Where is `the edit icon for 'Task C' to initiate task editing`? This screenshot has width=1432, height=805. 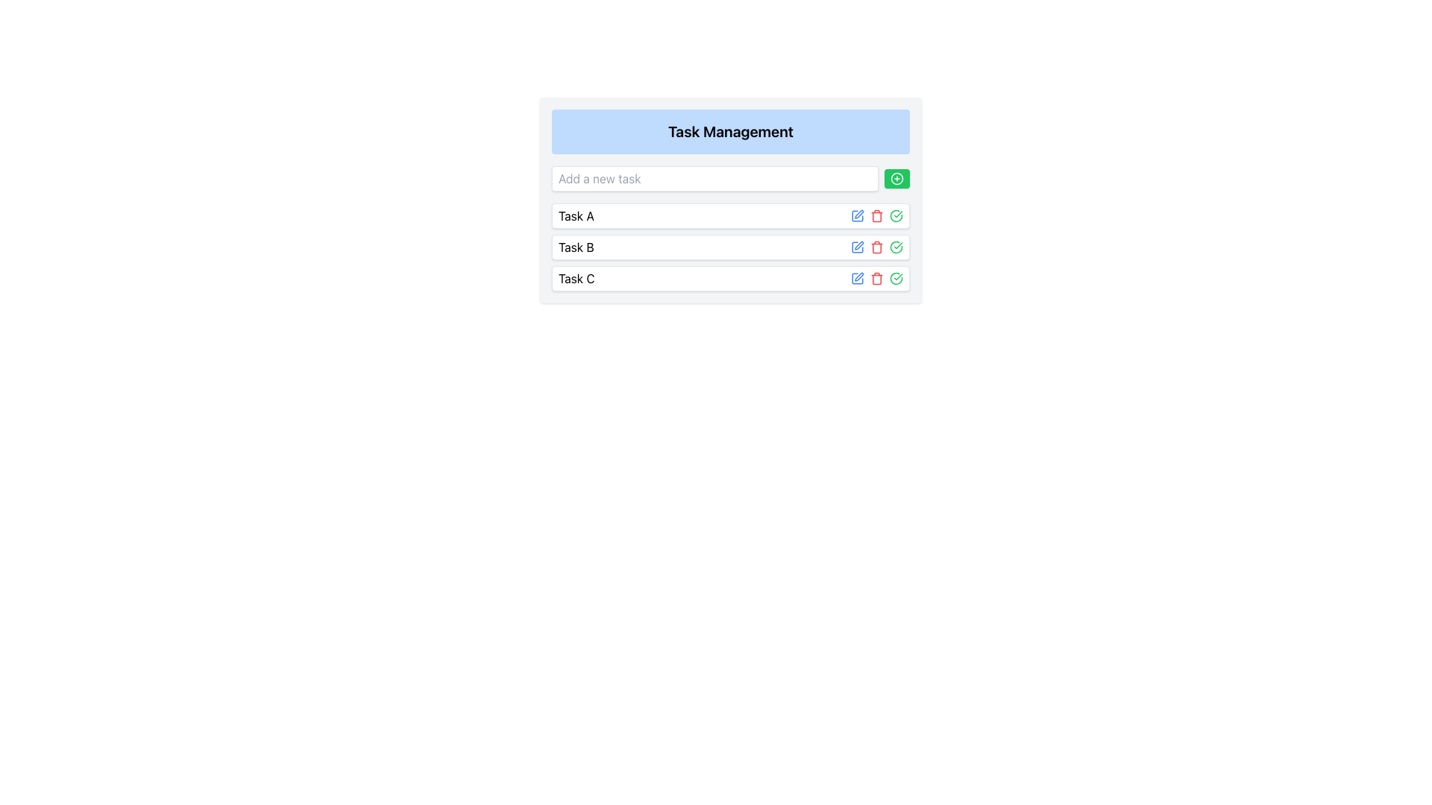 the edit icon for 'Task C' to initiate task editing is located at coordinates (858, 279).